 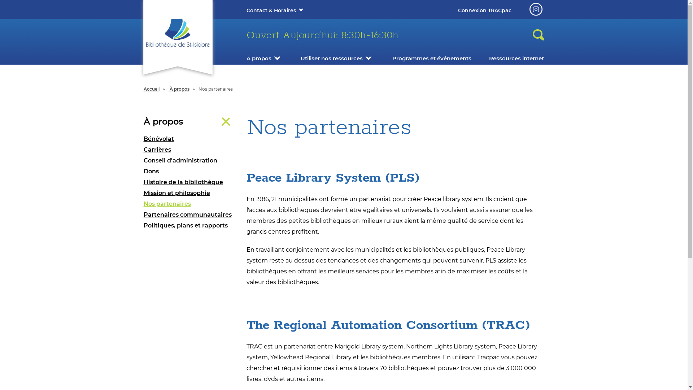 What do you see at coordinates (189, 160) in the screenshot?
I see `'Conseil d'administration'` at bounding box center [189, 160].